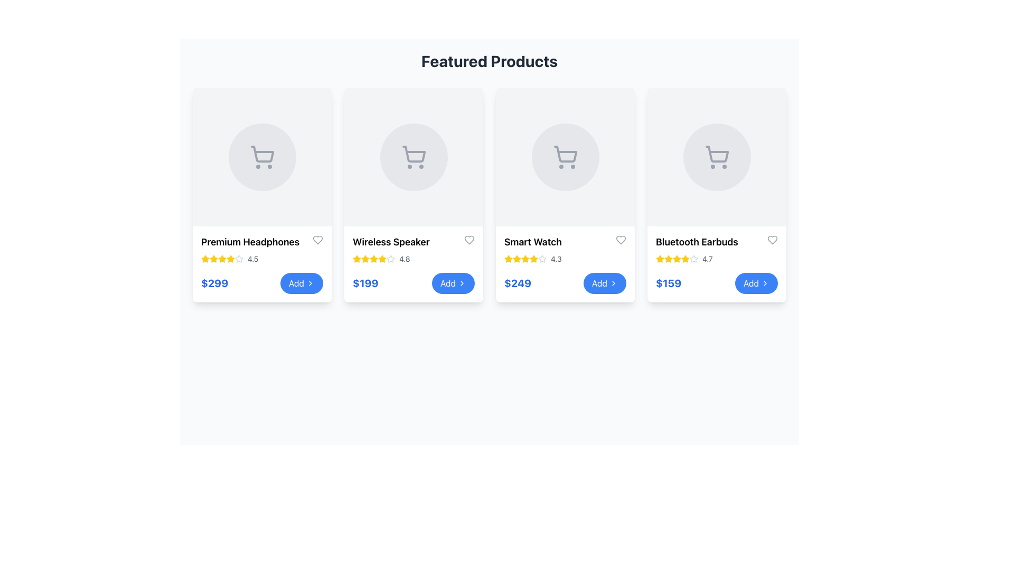 This screenshot has width=1014, height=570. What do you see at coordinates (565, 157) in the screenshot?
I see `the shopping icon representing the action of adding the 'Smart Watch' to the cart, located at the top center of the product details card` at bounding box center [565, 157].